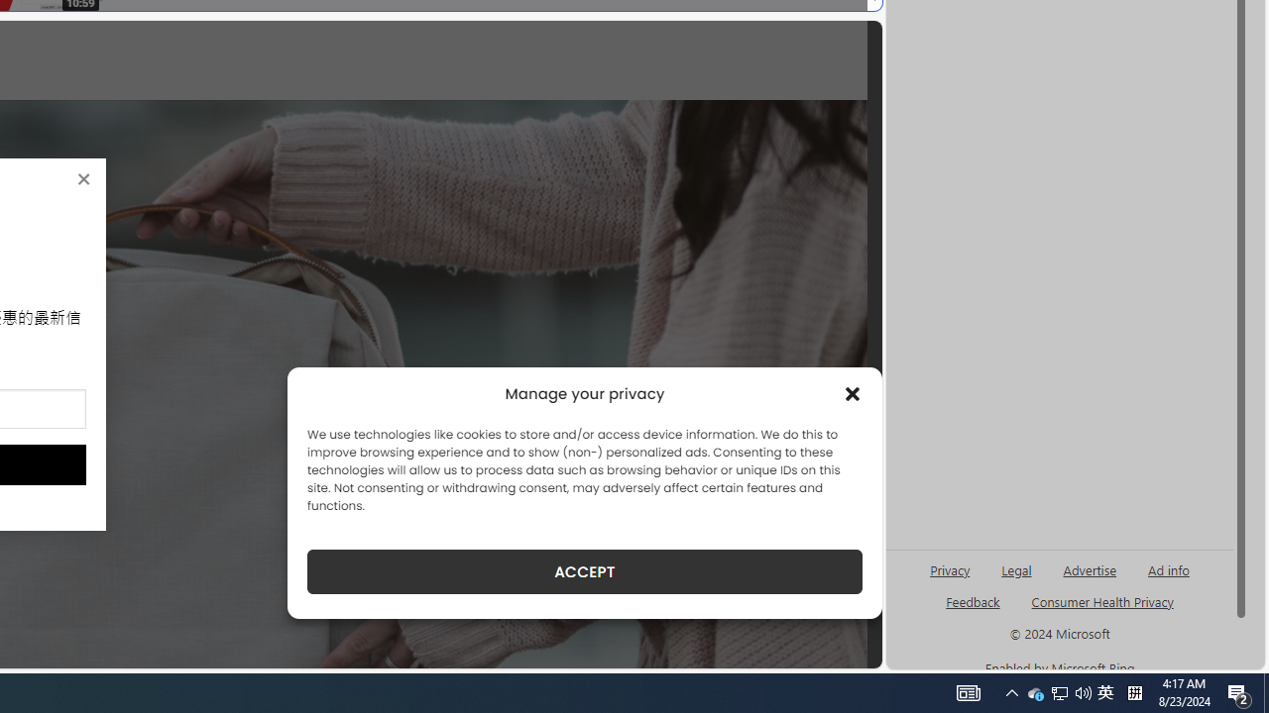  Describe the element at coordinates (584, 571) in the screenshot. I see `'ACCEPT'` at that location.